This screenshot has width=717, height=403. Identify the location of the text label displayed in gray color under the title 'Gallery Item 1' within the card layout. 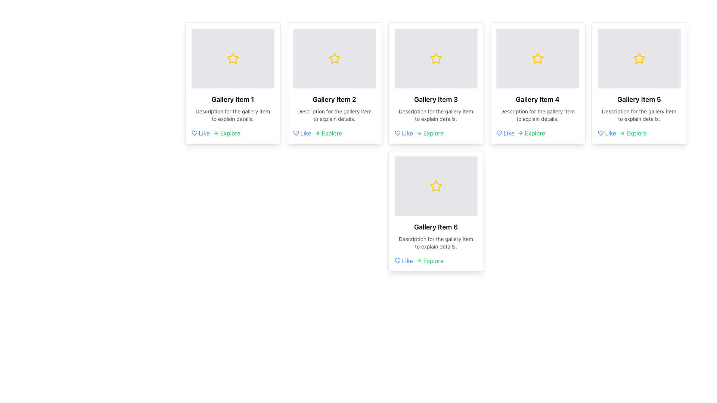
(232, 115).